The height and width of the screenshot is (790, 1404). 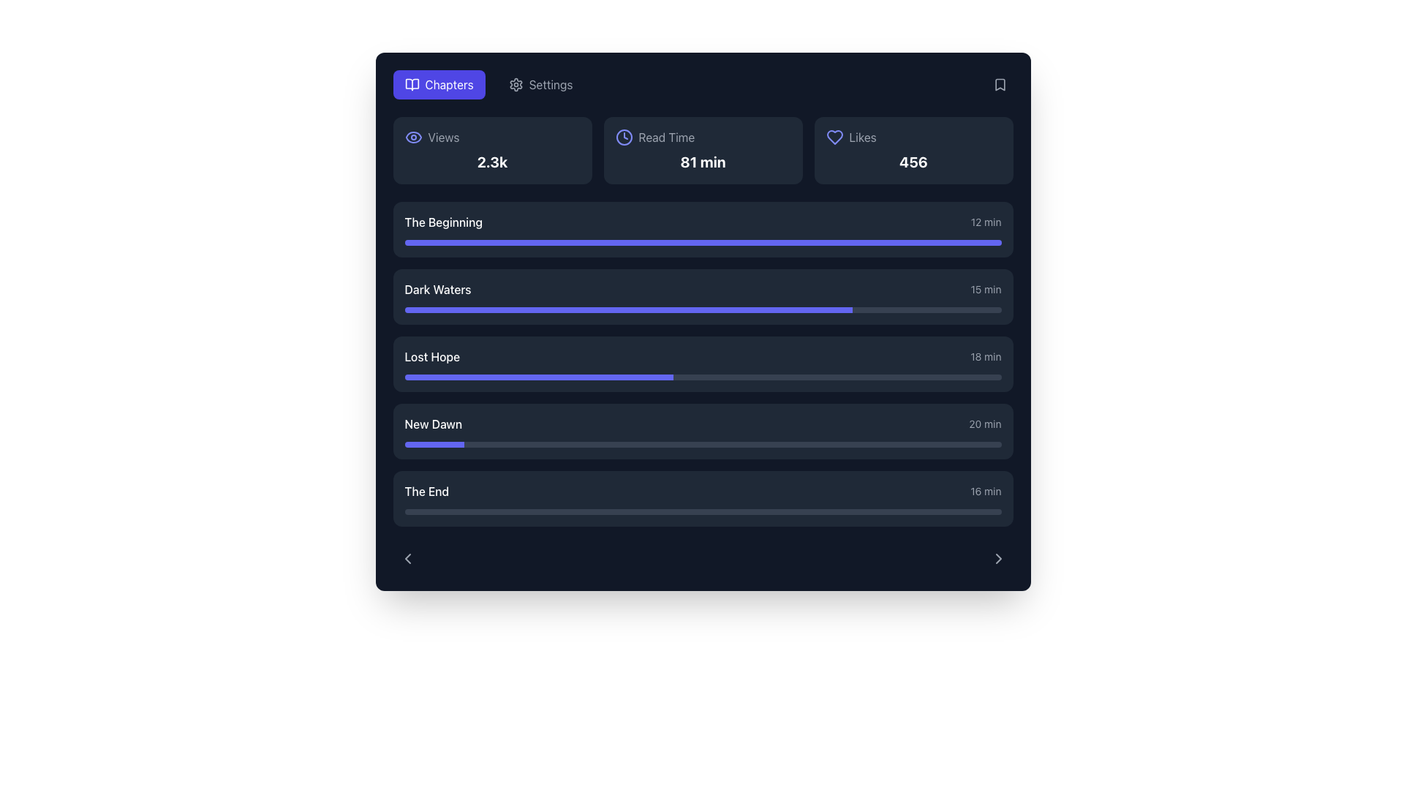 What do you see at coordinates (407, 558) in the screenshot?
I see `the navigation icon button located at the bottom-left corner of the interface to transition to the previous page or section` at bounding box center [407, 558].